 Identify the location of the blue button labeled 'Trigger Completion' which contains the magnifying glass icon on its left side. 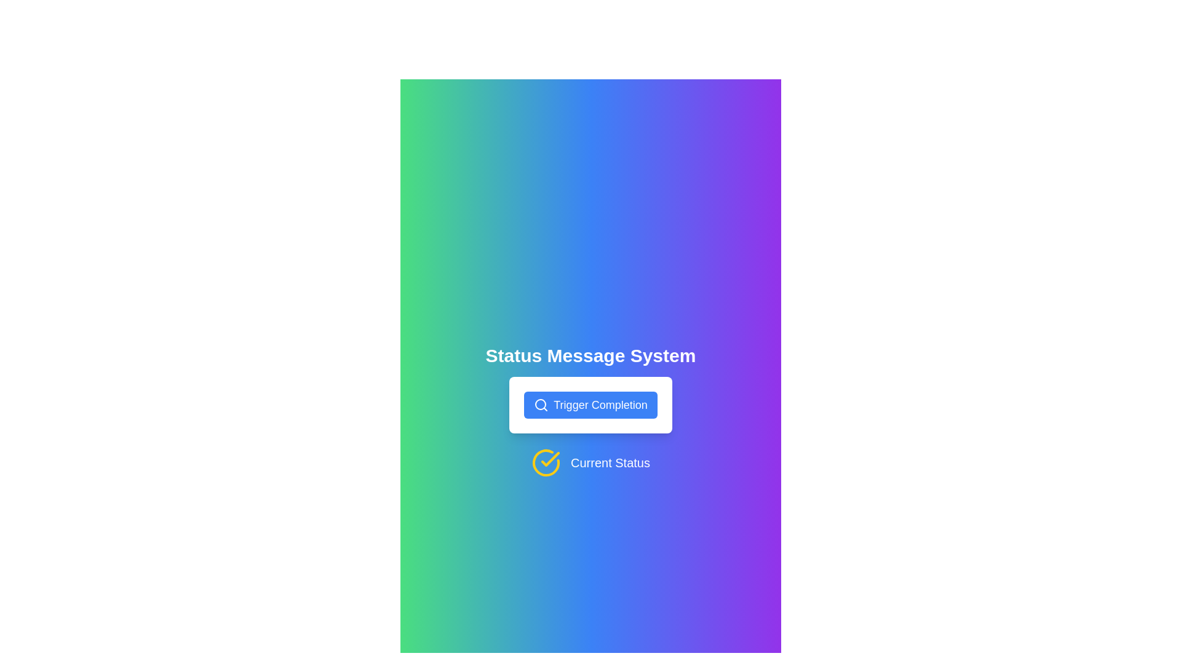
(541, 405).